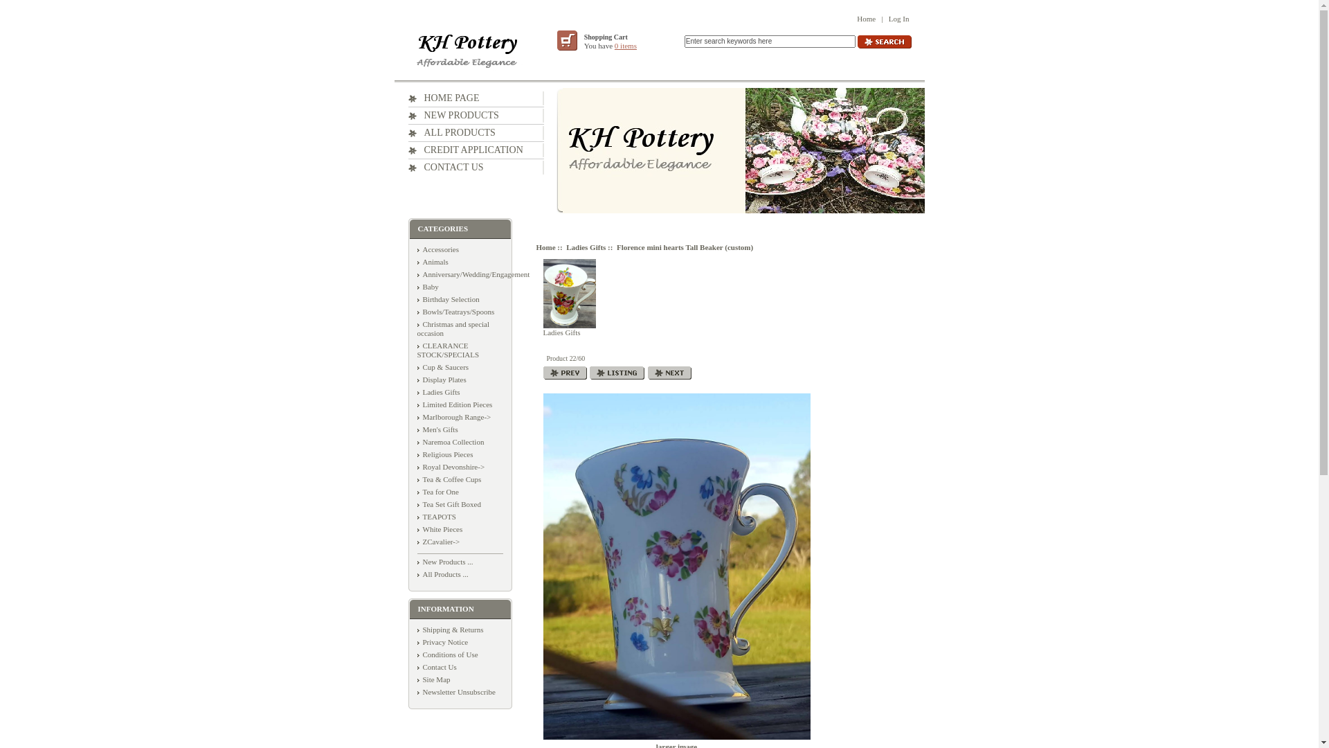  I want to click on 'Christmas and special occasion', so click(453, 328).